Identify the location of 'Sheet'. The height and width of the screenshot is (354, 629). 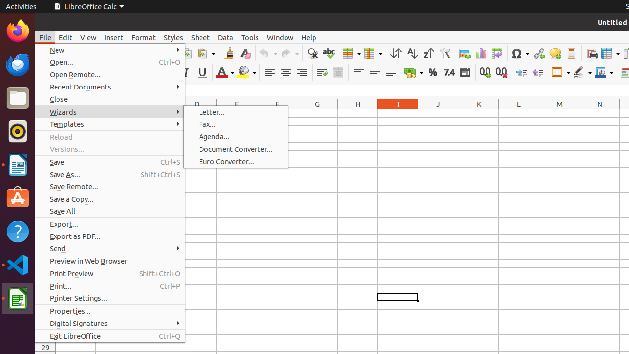
(200, 37).